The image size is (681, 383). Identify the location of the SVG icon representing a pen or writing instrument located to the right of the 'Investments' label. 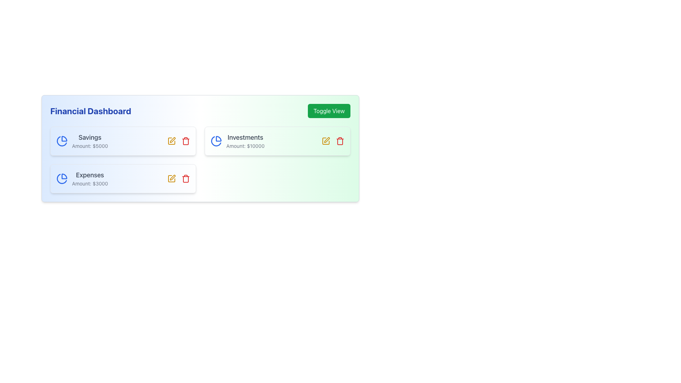
(325, 141).